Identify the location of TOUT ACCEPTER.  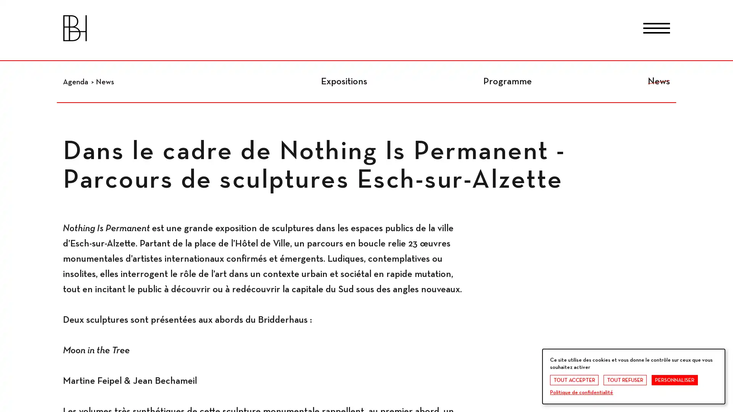
(574, 380).